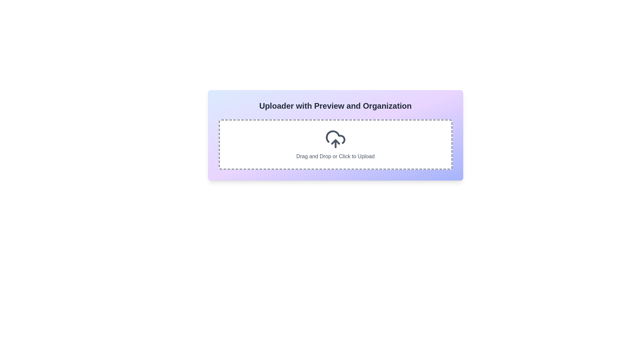 The height and width of the screenshot is (359, 638). What do you see at coordinates (335, 142) in the screenshot?
I see `the graphical arrow component of the cloud upload icon located at the center of the page under the title 'Uploader with Preview and Organization'` at bounding box center [335, 142].